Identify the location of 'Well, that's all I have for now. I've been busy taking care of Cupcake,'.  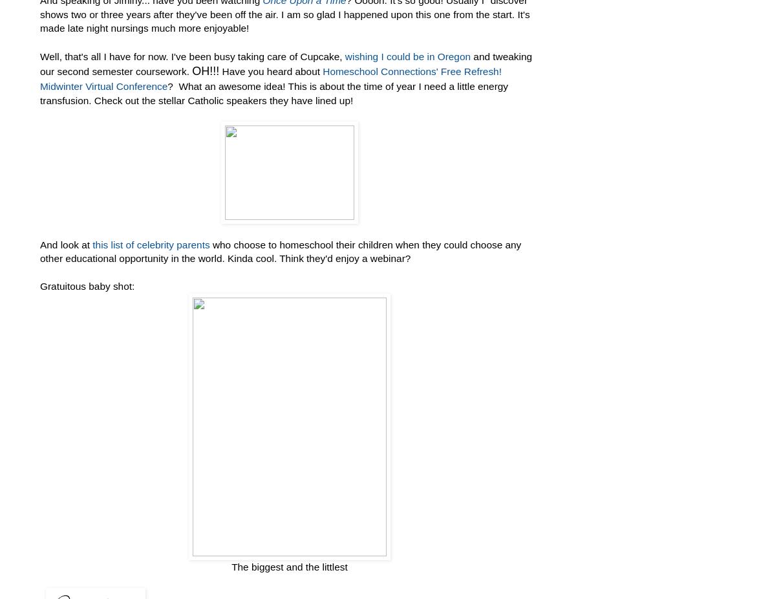
(192, 55).